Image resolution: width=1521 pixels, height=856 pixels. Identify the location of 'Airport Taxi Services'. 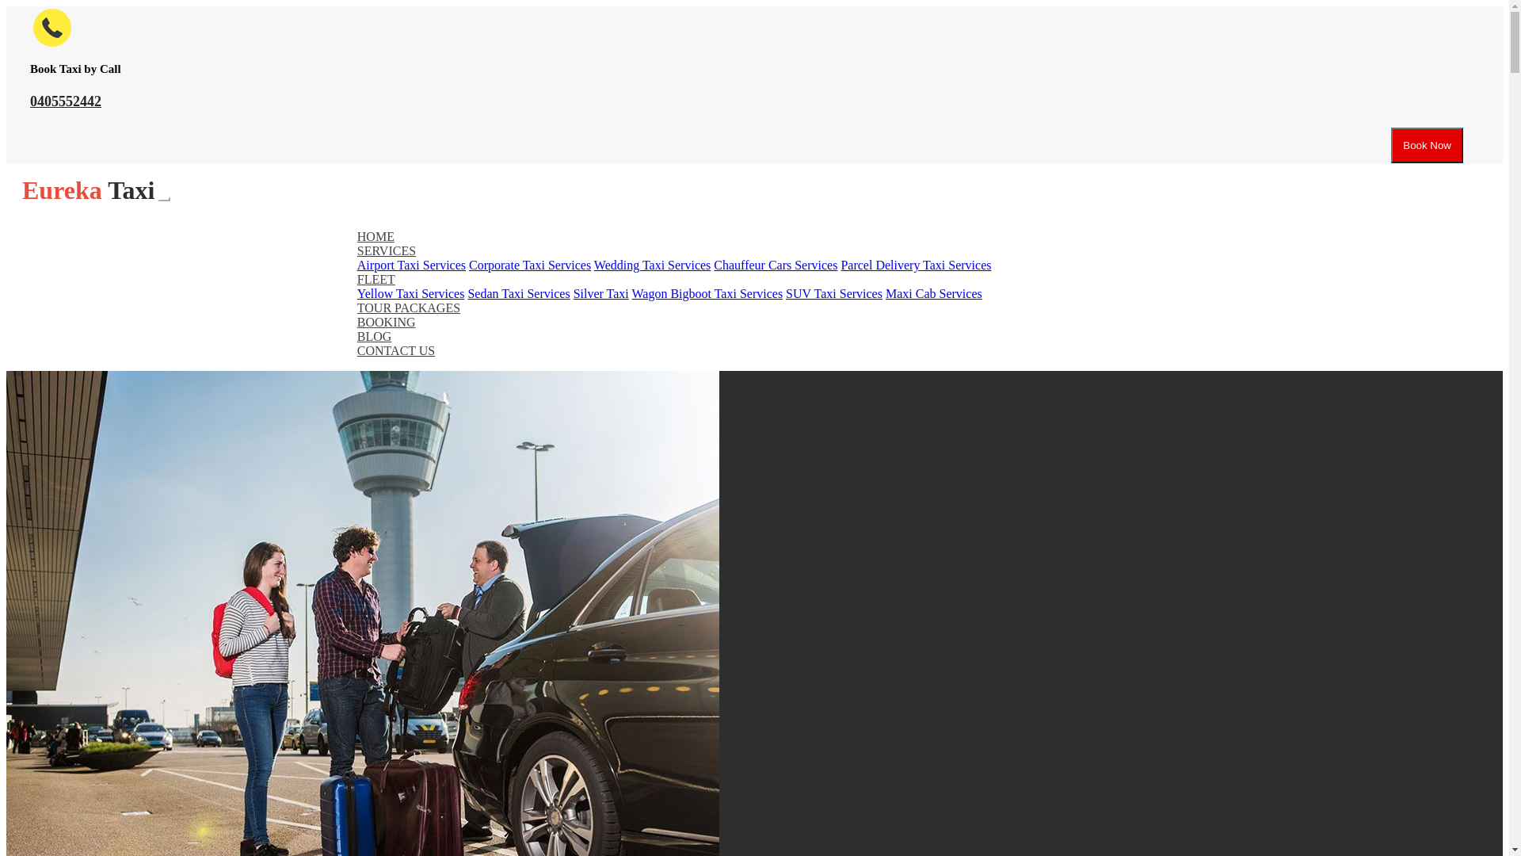
(411, 264).